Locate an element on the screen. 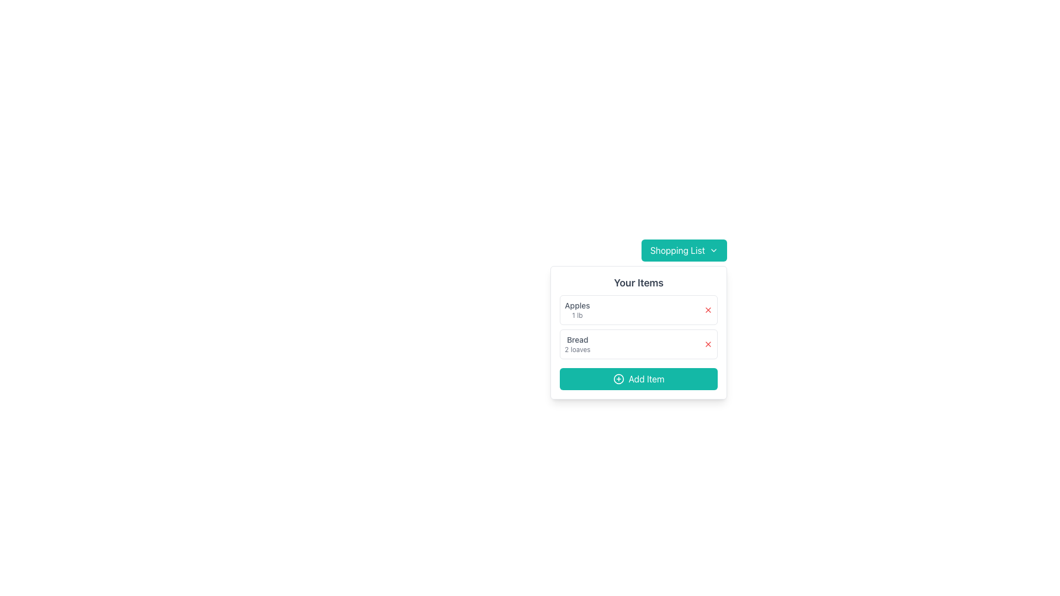 The width and height of the screenshot is (1060, 596). the details of the list item containing 'Bread' and '2 loaves', located in the 'Your Items' section is located at coordinates (639, 344).